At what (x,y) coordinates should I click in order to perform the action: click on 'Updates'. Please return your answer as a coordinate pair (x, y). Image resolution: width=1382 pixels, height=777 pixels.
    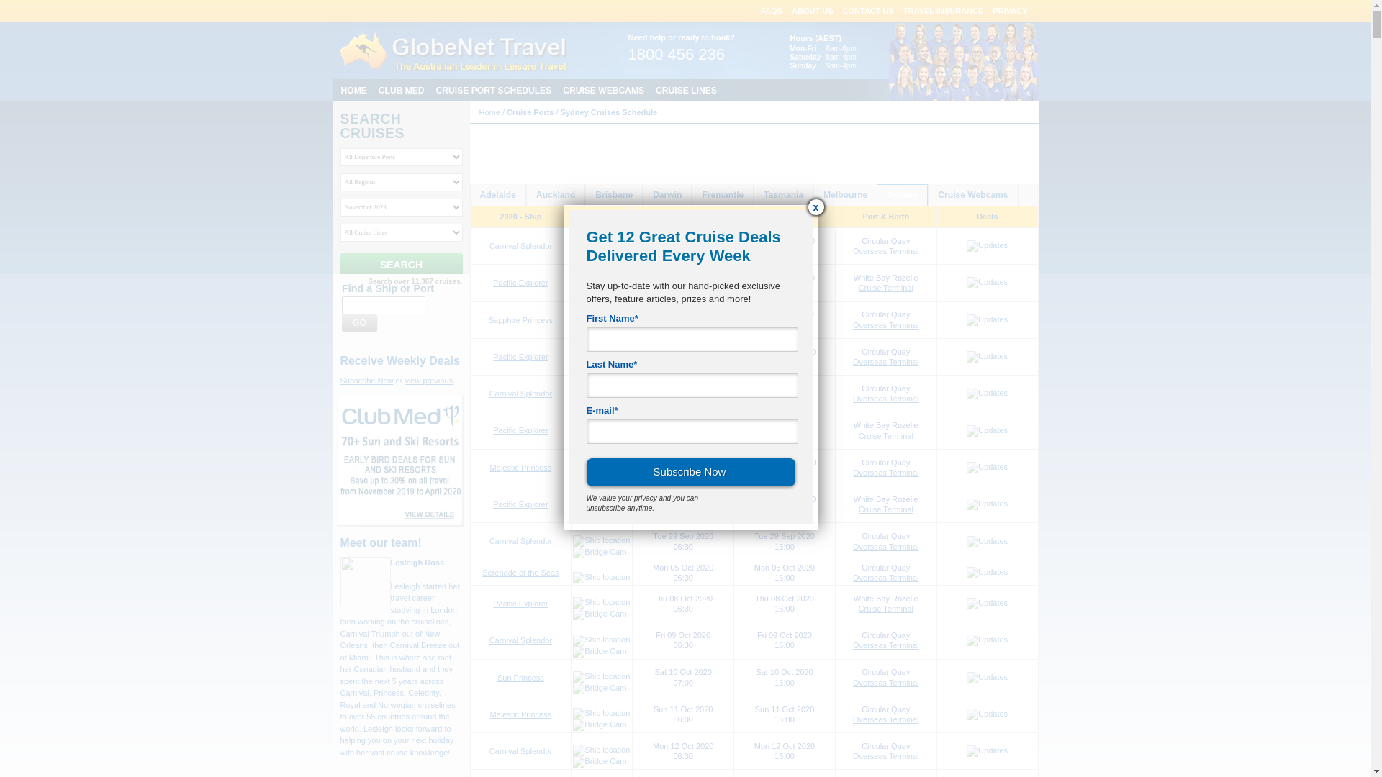
    Looking at the image, I should click on (986, 468).